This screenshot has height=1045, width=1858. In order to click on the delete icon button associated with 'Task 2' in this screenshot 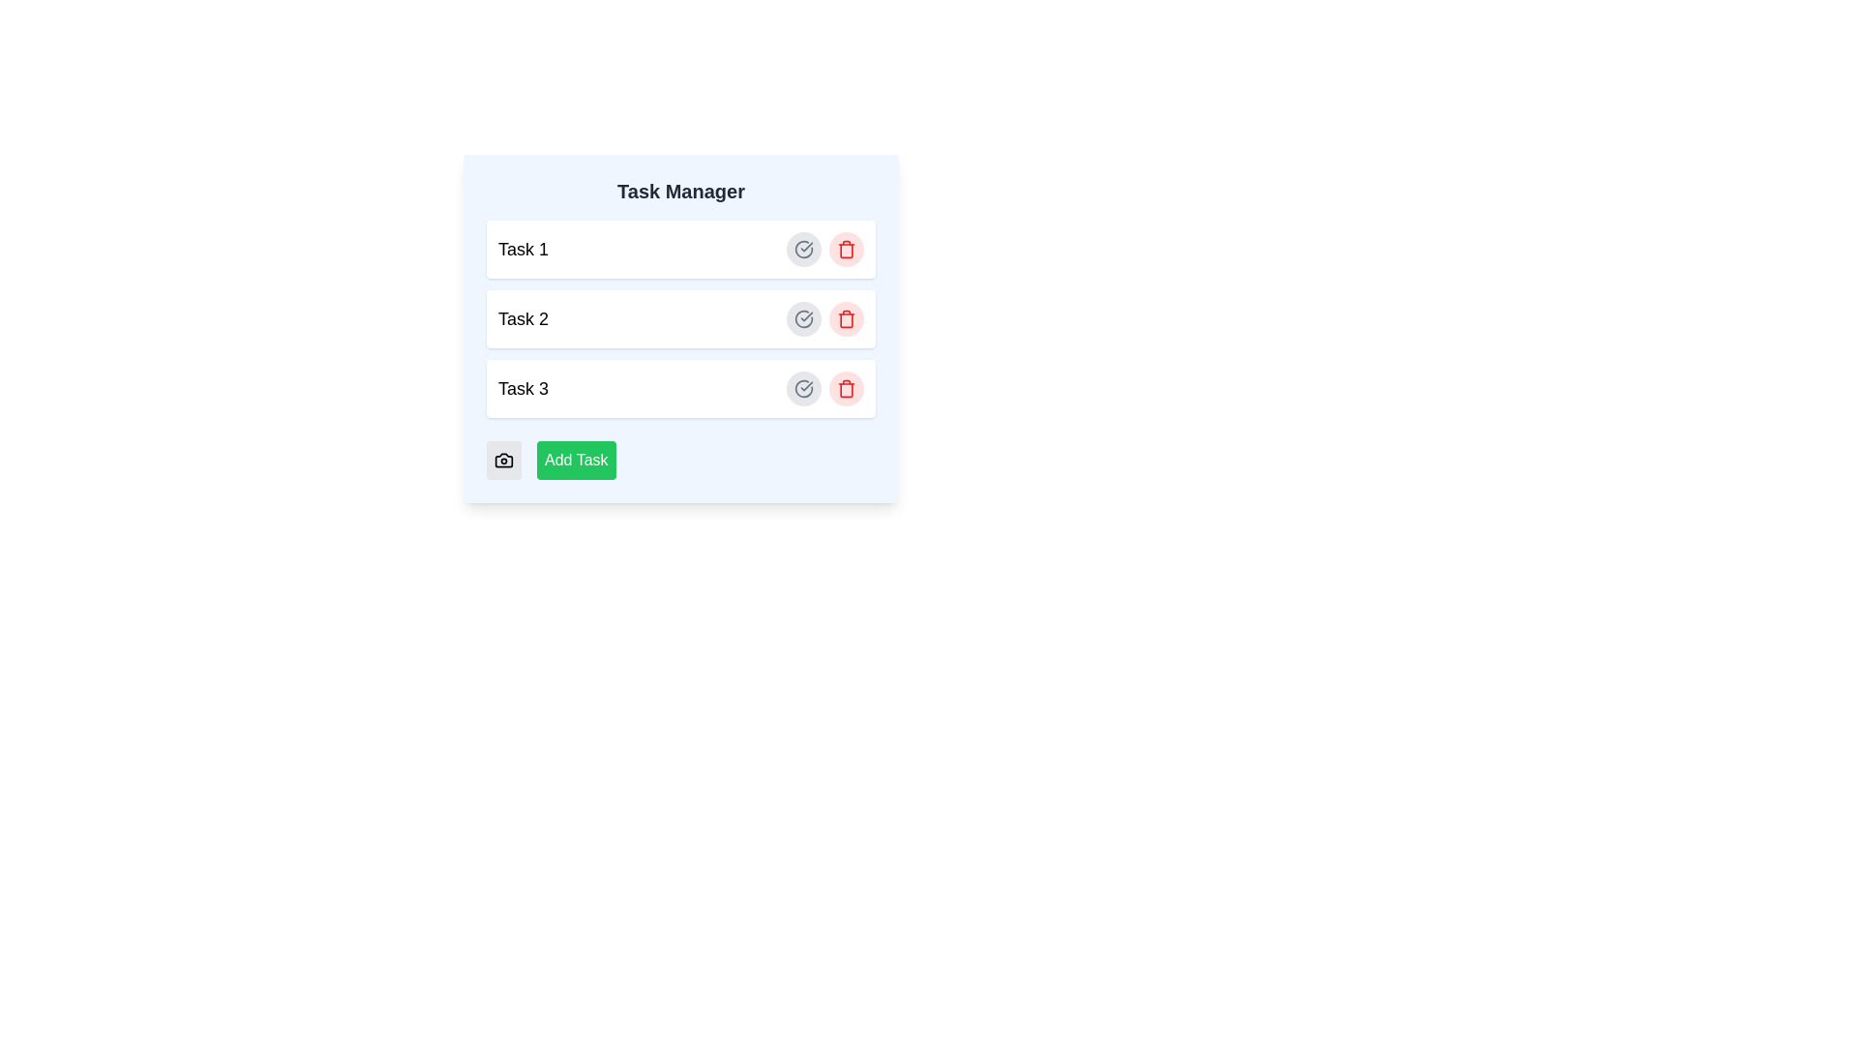, I will do `click(846, 318)`.